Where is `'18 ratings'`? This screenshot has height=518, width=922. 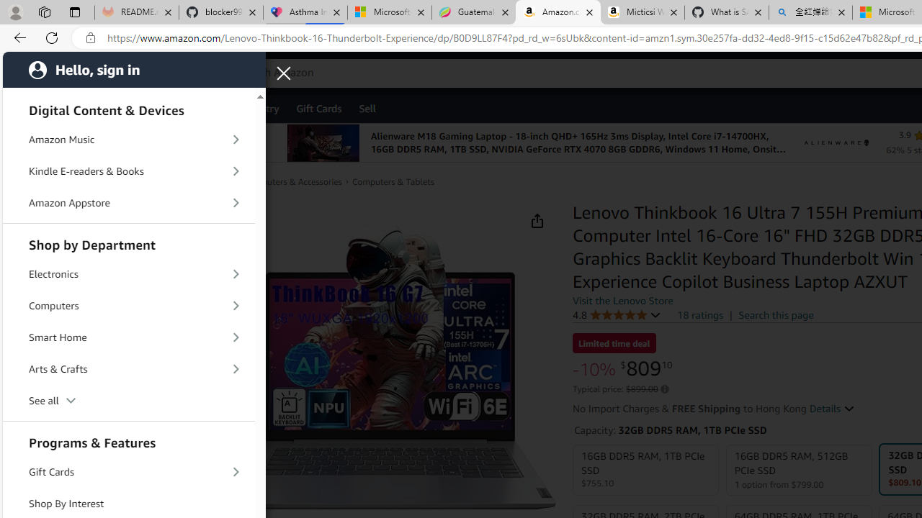
'18 ratings' is located at coordinates (700, 314).